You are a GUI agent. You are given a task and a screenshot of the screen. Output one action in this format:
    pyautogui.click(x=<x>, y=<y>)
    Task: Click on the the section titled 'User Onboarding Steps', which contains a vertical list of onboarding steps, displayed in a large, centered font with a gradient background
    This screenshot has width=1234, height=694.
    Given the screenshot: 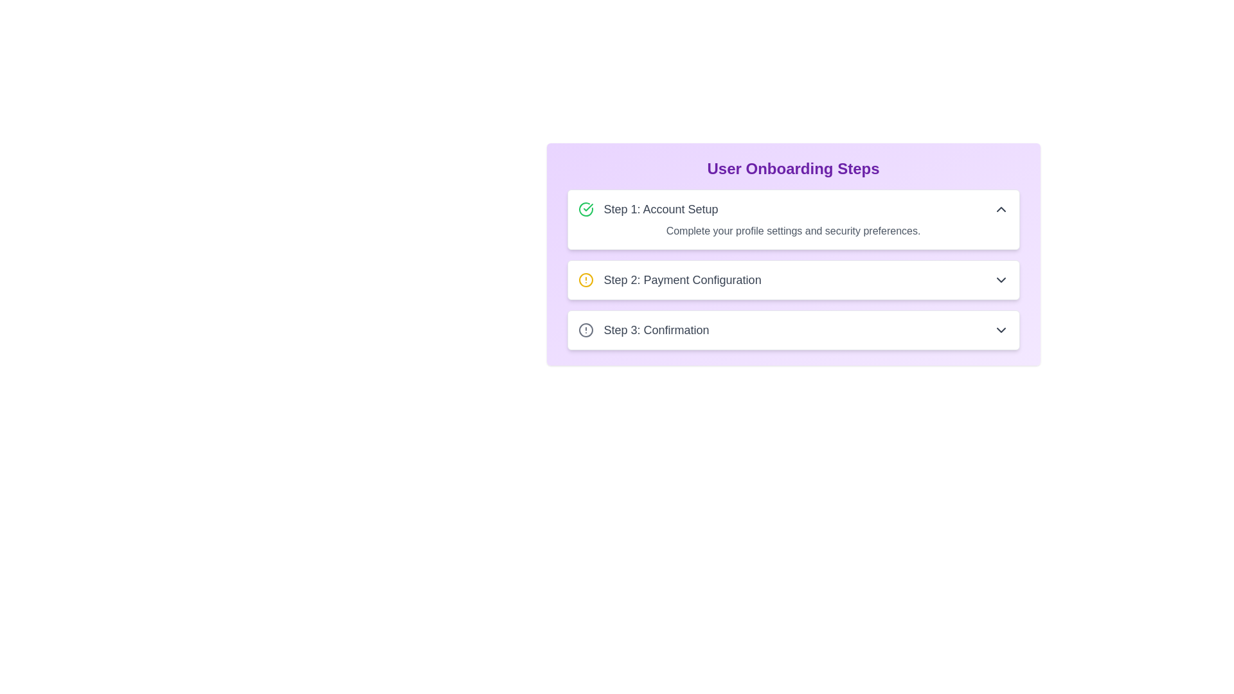 What is the action you would take?
    pyautogui.click(x=792, y=254)
    